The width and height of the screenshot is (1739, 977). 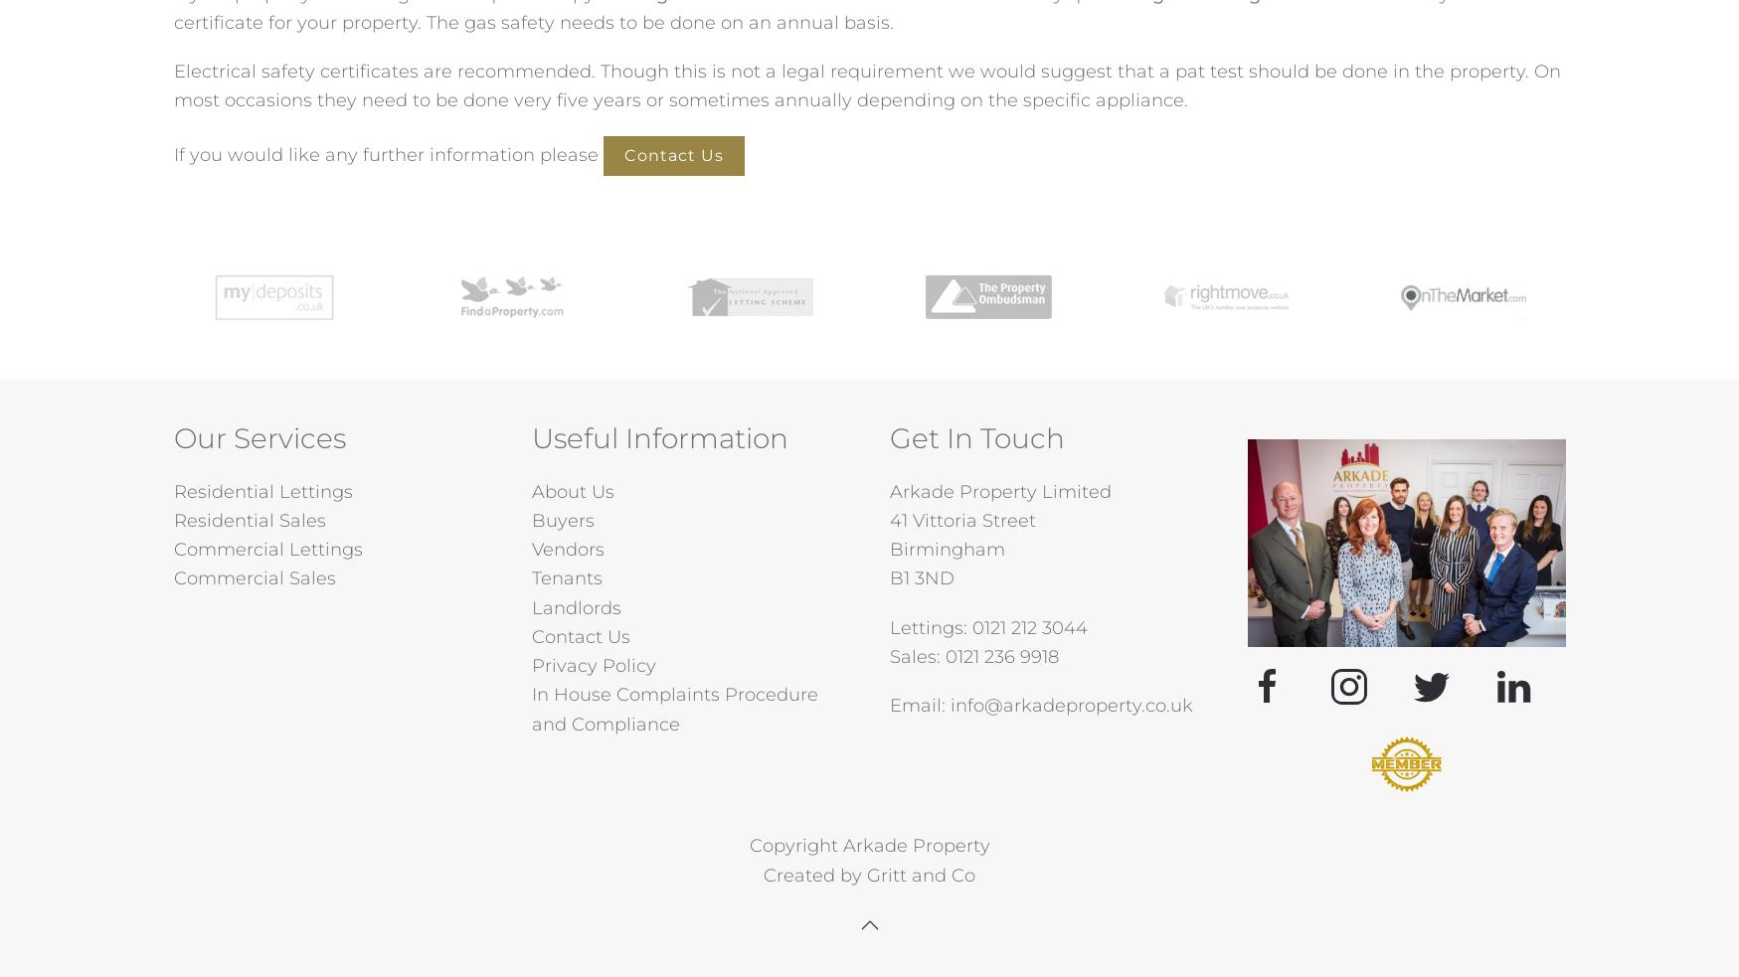 What do you see at coordinates (574, 607) in the screenshot?
I see `'Landlords'` at bounding box center [574, 607].